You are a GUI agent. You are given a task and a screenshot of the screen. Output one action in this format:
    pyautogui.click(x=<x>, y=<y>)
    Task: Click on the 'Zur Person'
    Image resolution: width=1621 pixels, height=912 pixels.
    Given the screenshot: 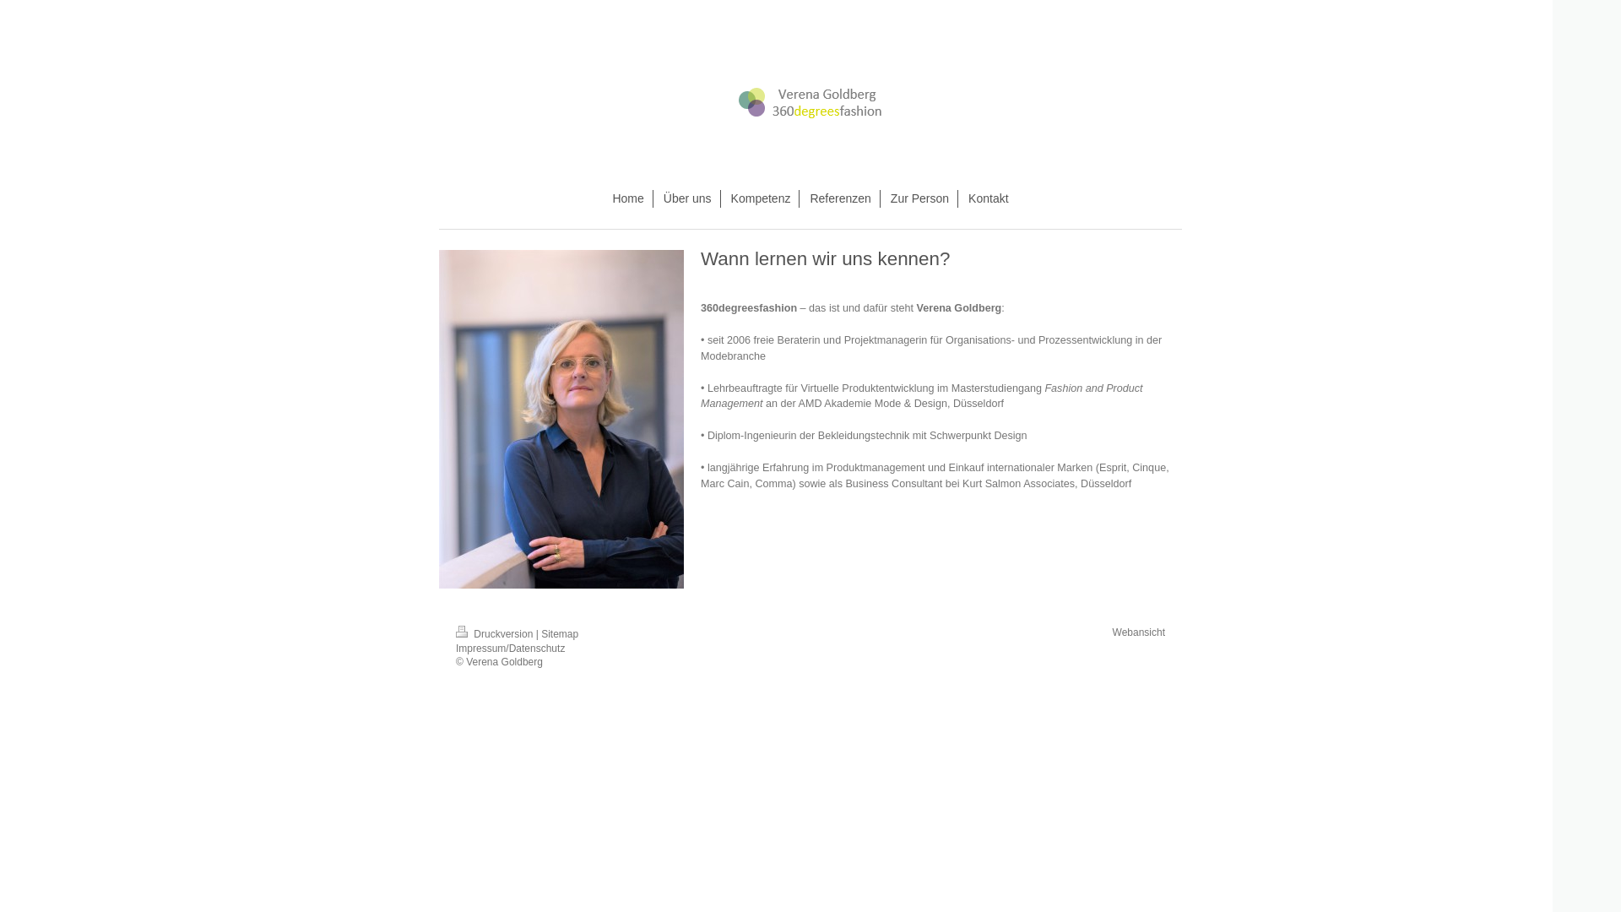 What is the action you would take?
    pyautogui.click(x=919, y=198)
    